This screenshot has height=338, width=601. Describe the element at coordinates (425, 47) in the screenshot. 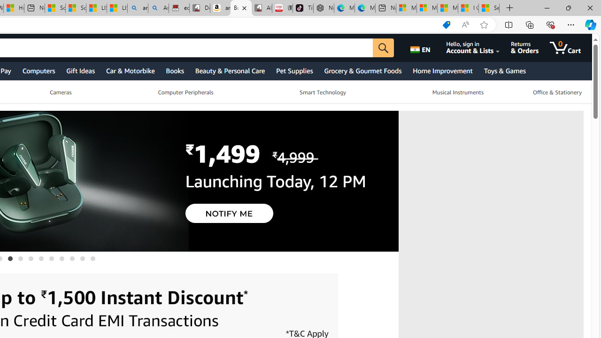

I see `'Choose a language for shopping.'` at that location.